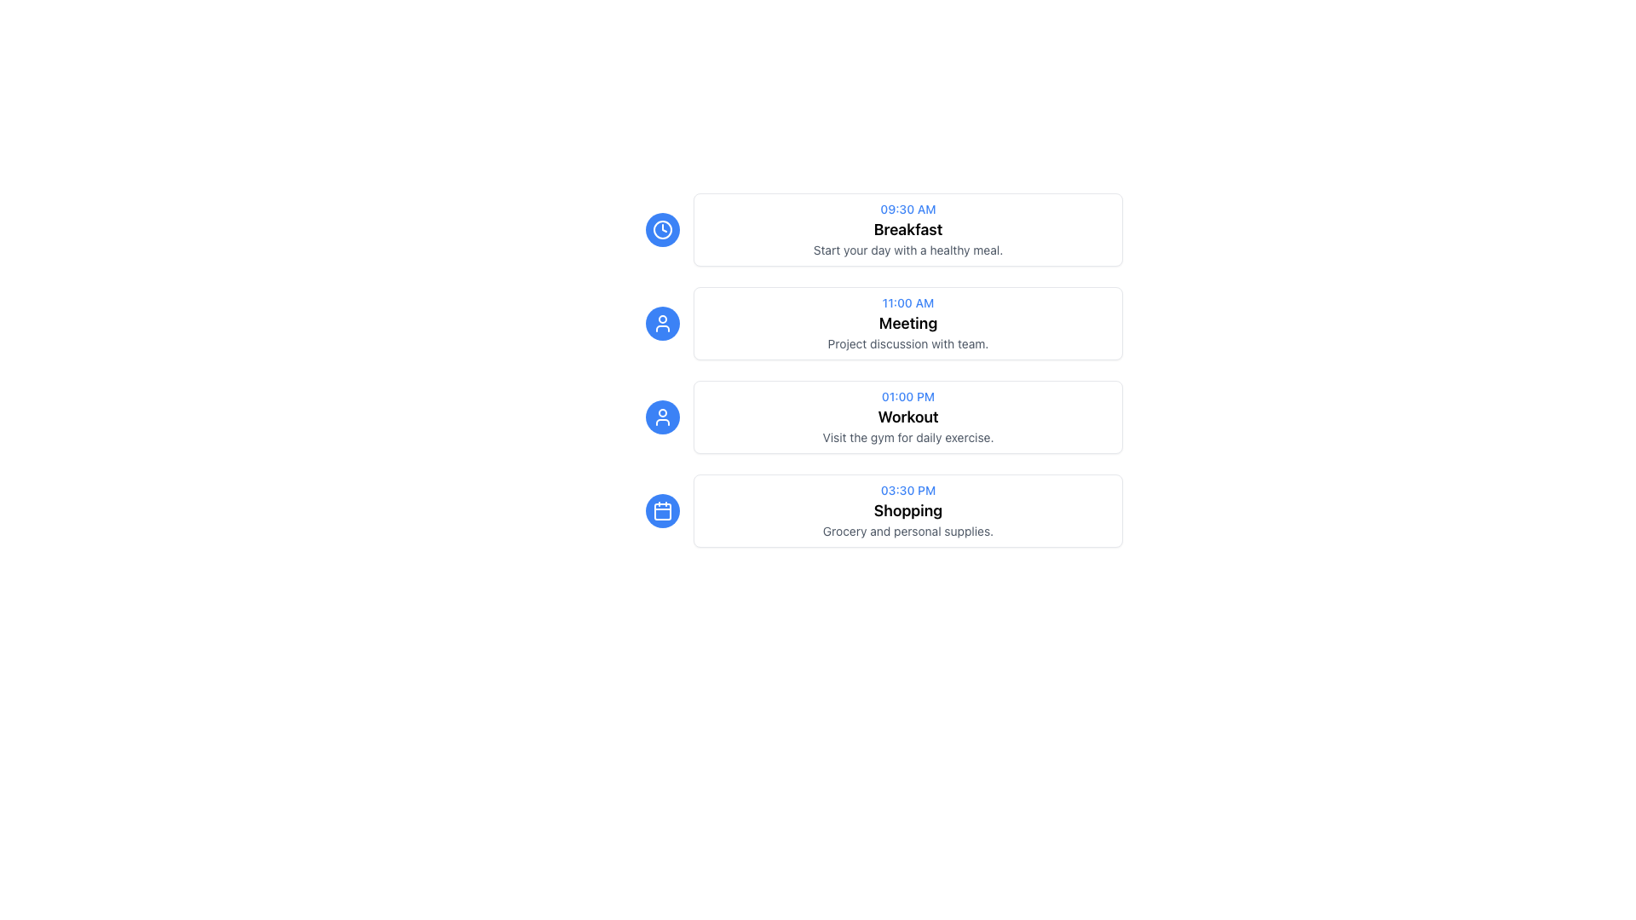 This screenshot has height=920, width=1636. What do you see at coordinates (661, 324) in the screenshot?
I see `the icon representing the user for the '11:00 AM Meeting'` at bounding box center [661, 324].